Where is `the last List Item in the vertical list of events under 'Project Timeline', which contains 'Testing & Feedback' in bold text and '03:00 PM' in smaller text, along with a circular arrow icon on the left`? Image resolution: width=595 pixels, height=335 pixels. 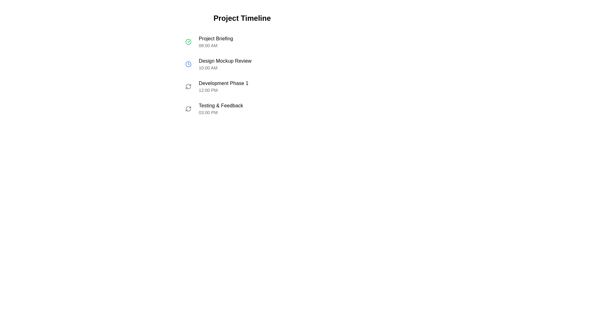 the last List Item in the vertical list of events under 'Project Timeline', which contains 'Testing & Feedback' in bold text and '03:00 PM' in smaller text, along with a circular arrow icon on the left is located at coordinates (242, 109).